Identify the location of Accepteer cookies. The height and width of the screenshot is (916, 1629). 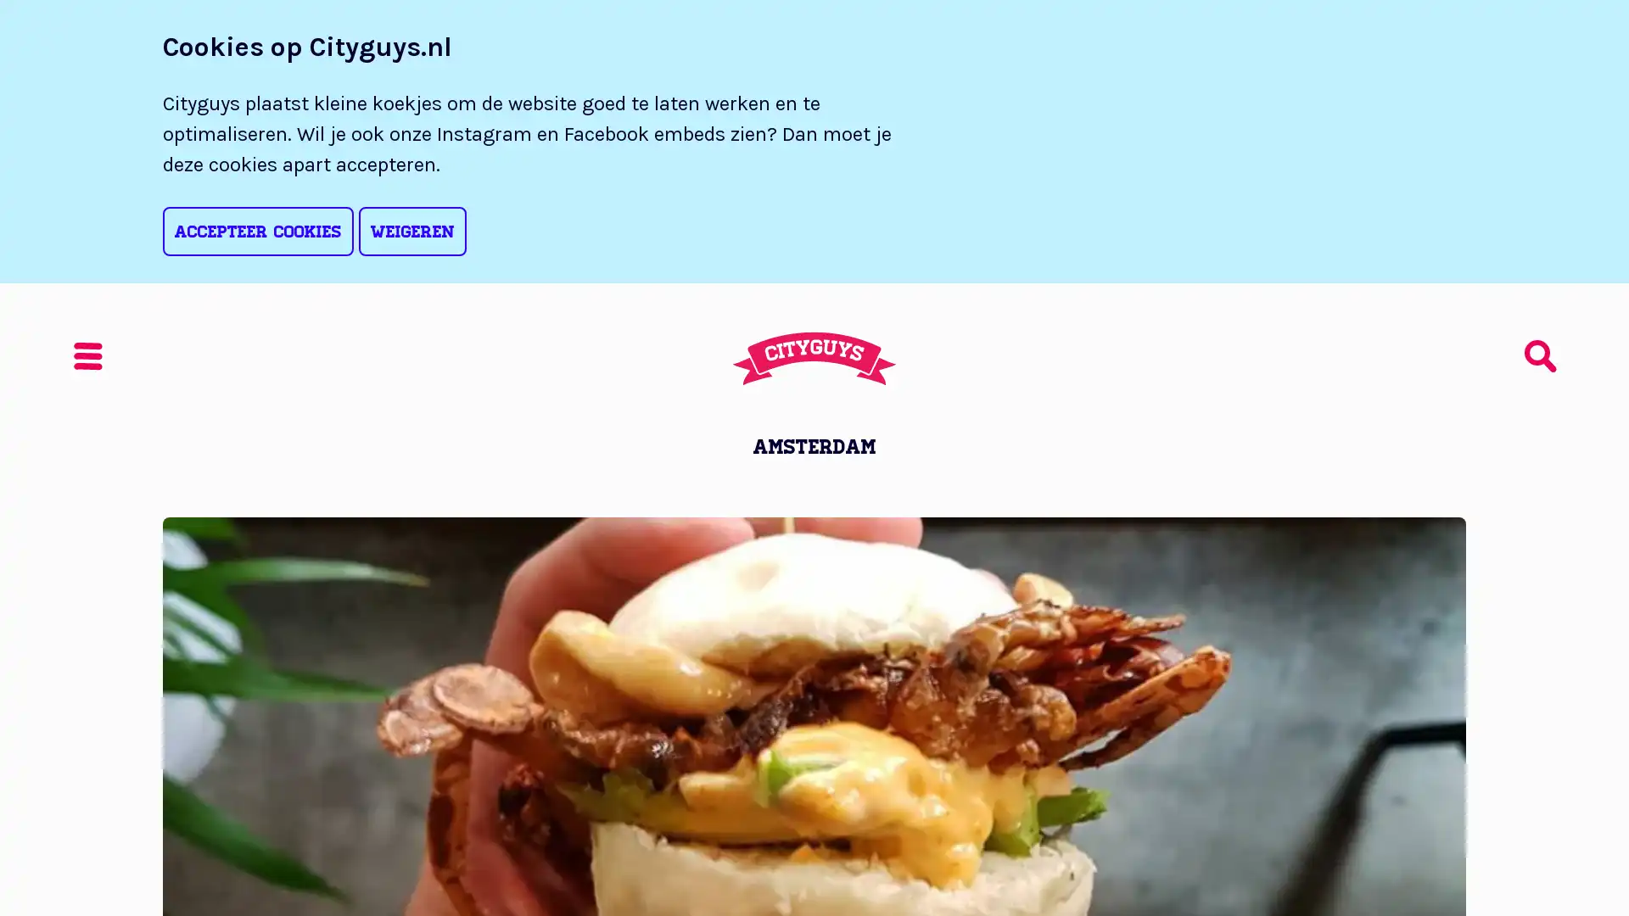
(257, 232).